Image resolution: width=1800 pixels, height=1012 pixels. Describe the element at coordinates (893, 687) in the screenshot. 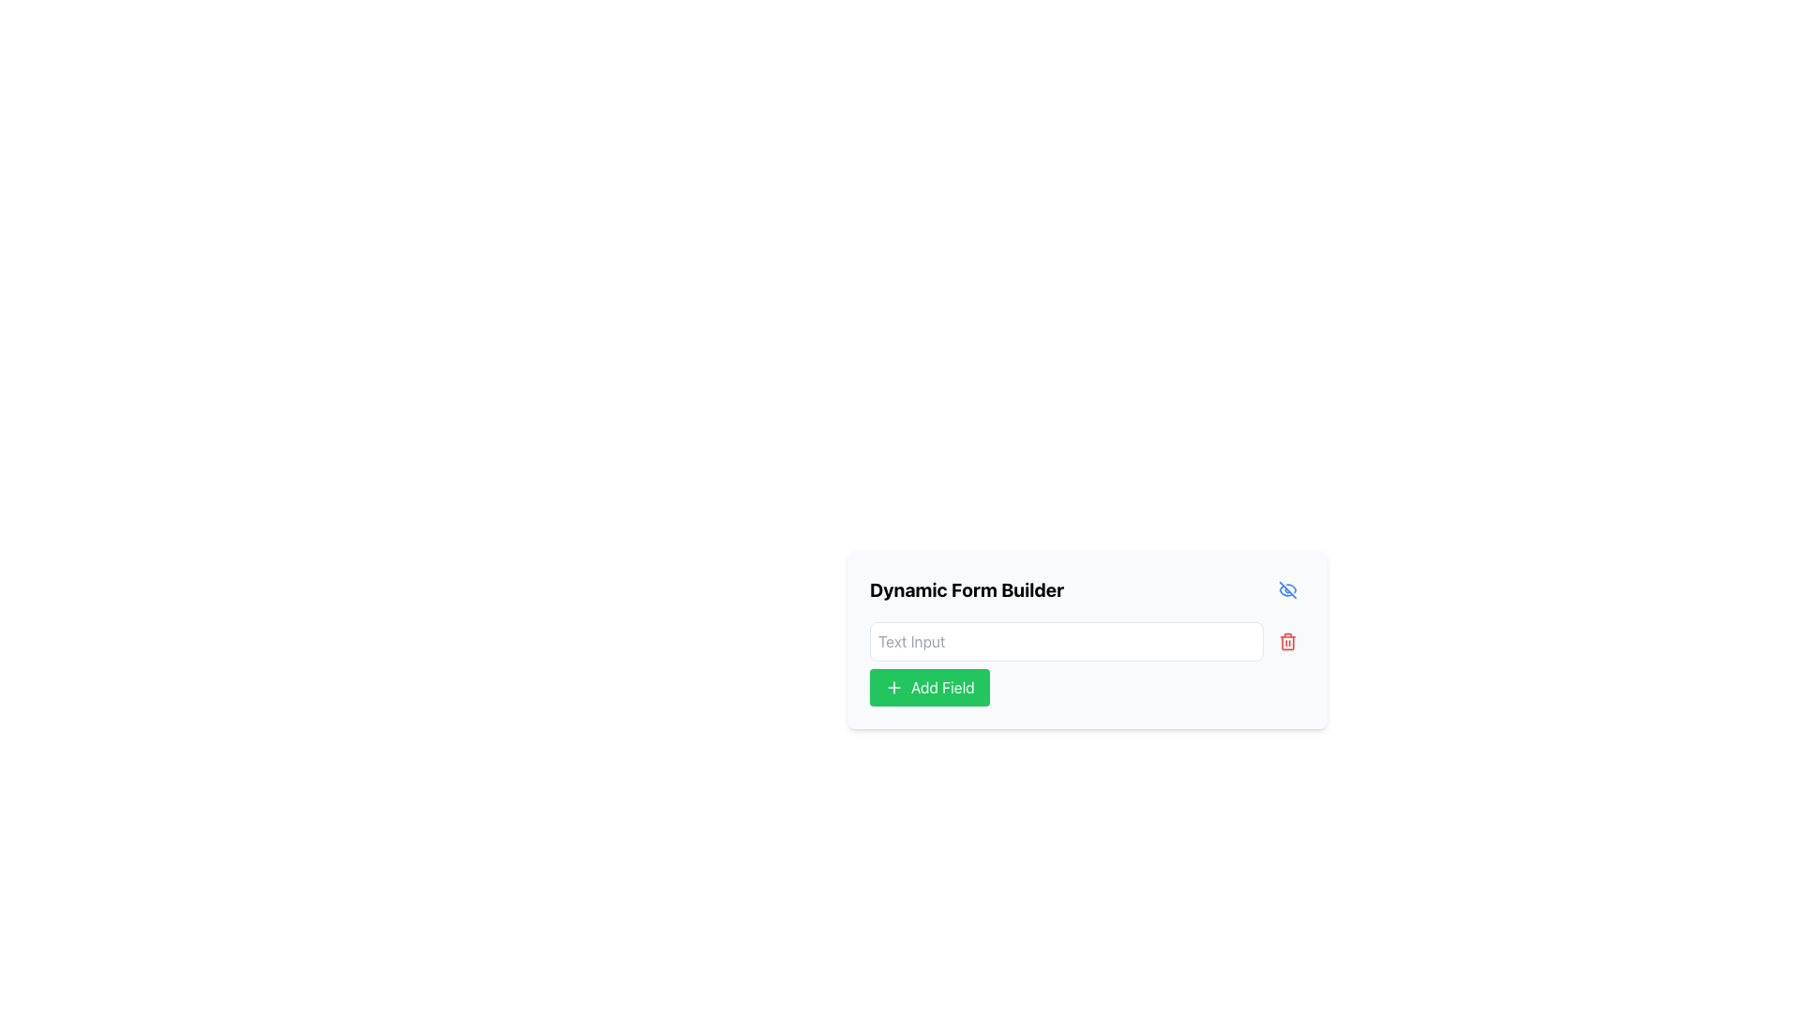

I see `the plus sign icon located to the left of the 'Add Field' text within the green button` at that location.